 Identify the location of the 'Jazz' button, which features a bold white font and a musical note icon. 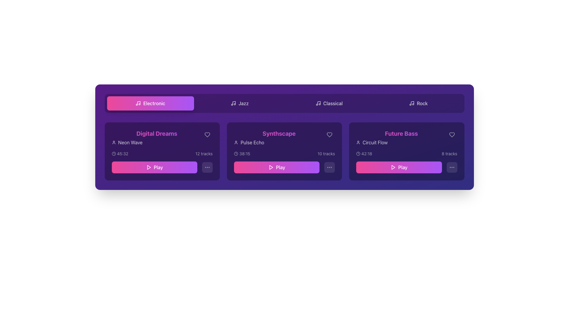
(240, 103).